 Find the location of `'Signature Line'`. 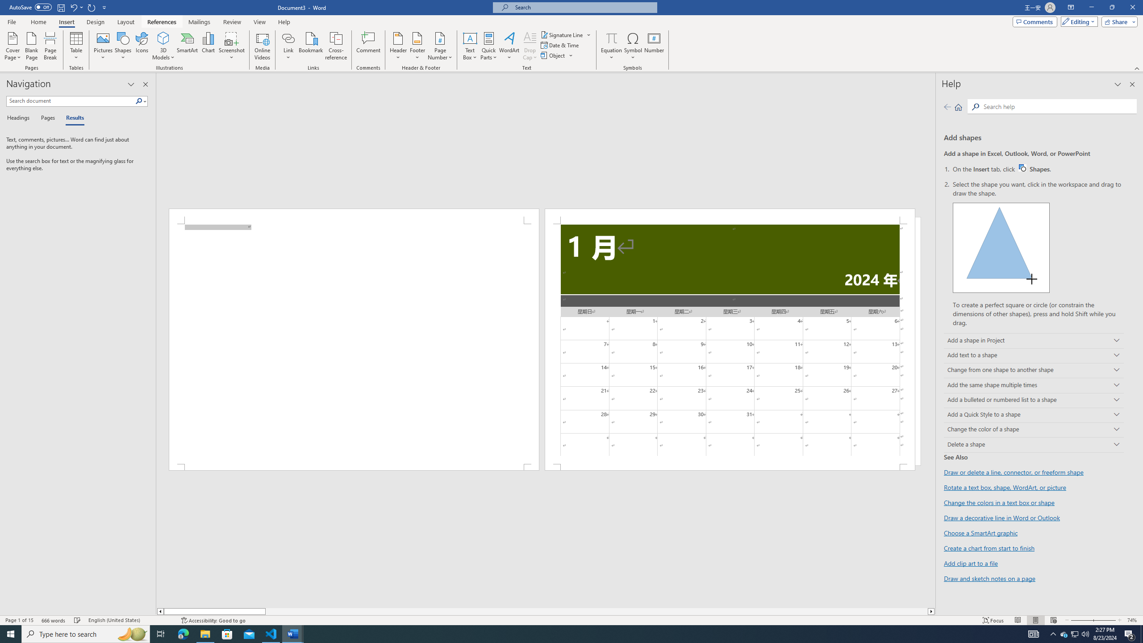

'Signature Line' is located at coordinates (566, 34).